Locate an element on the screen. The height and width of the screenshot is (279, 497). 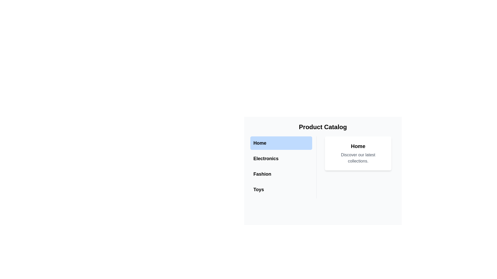
bold 'Home' text label located in the top-right section of the interface, above the text 'Discover our latest collections.' is located at coordinates (358, 146).